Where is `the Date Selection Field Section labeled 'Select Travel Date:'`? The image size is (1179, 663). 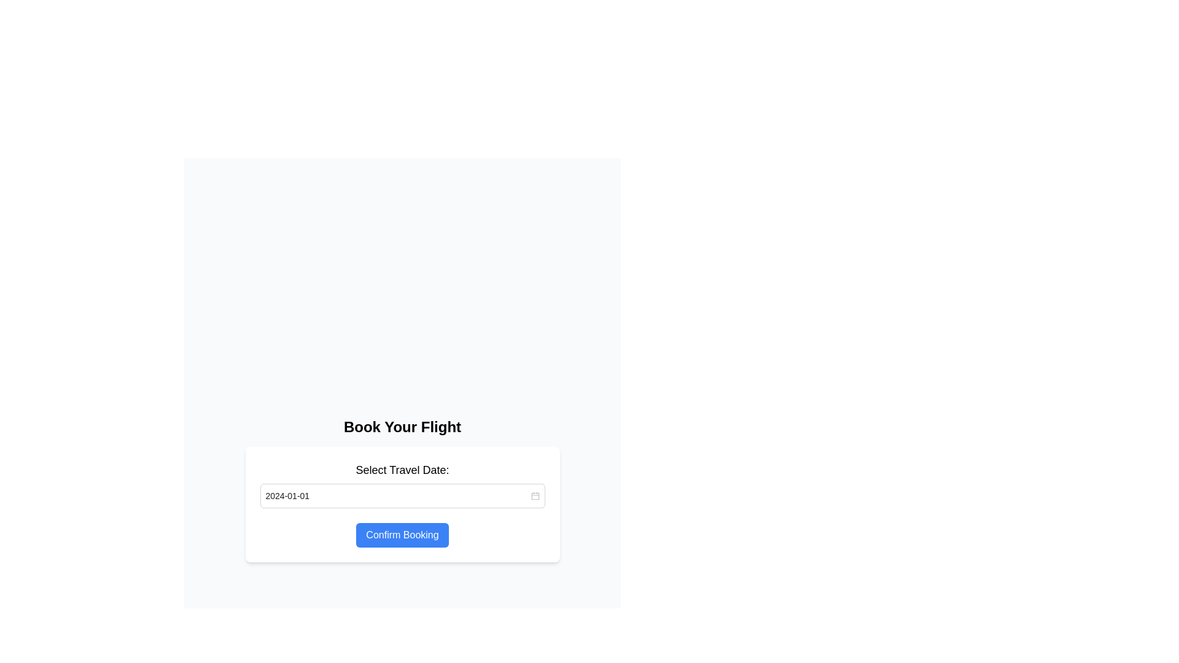 the Date Selection Field Section labeled 'Select Travel Date:' is located at coordinates (402, 484).